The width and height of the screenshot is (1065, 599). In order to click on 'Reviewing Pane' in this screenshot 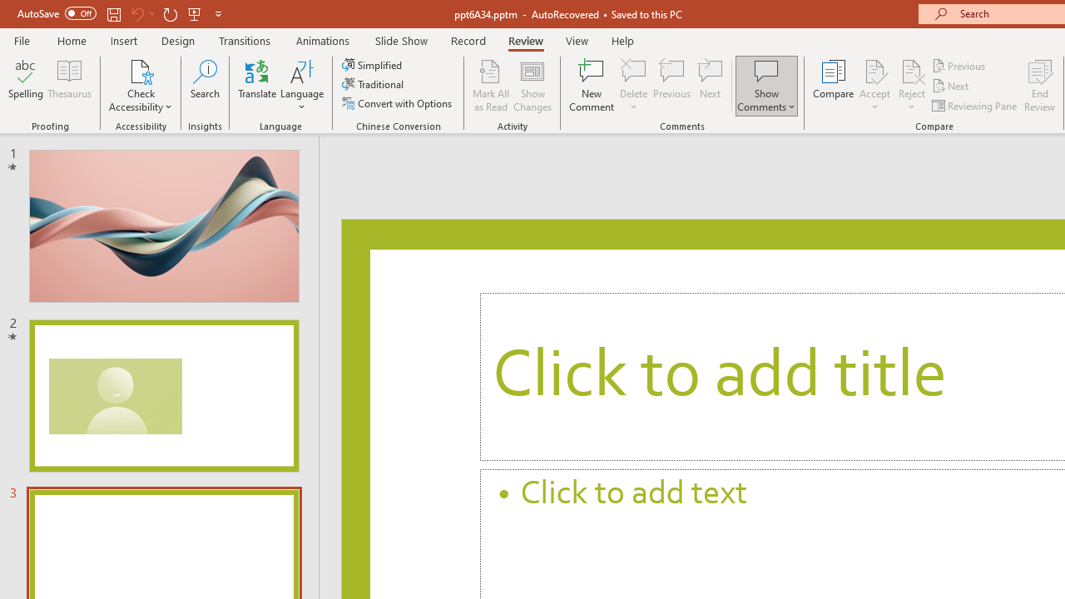, I will do `click(976, 106)`.